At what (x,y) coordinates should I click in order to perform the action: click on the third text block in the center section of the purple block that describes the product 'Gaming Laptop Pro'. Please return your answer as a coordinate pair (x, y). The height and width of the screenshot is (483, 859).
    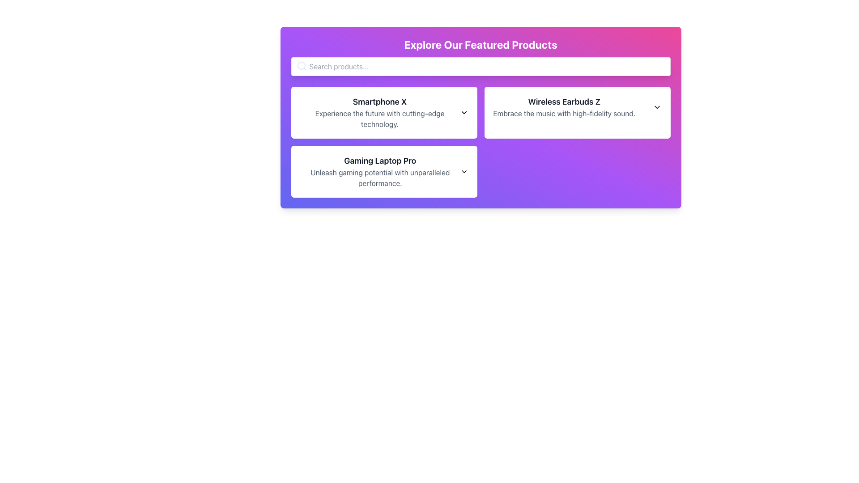
    Looking at the image, I should click on (380, 172).